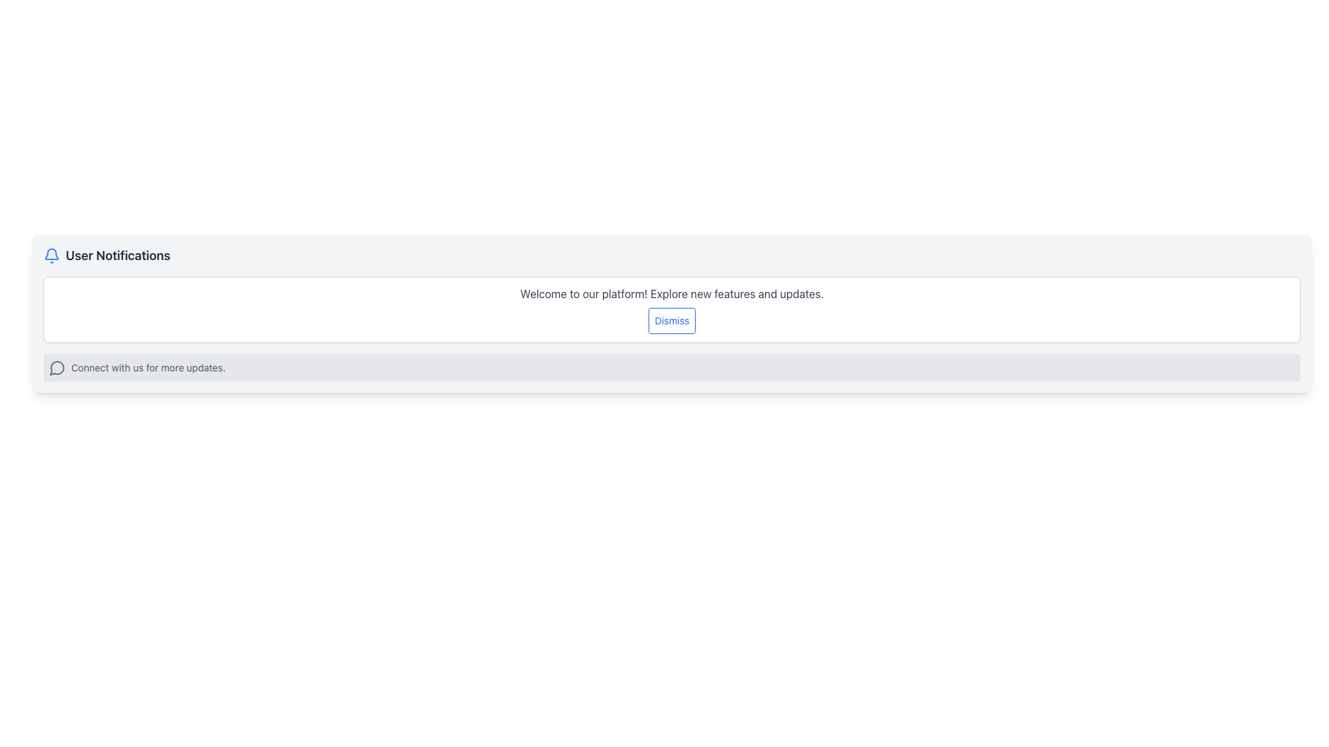 This screenshot has width=1329, height=747. Describe the element at coordinates (52, 254) in the screenshot. I see `the middle part of the notification bell icon, which is a decorative vector shape in the 'User Notifications' section` at that location.